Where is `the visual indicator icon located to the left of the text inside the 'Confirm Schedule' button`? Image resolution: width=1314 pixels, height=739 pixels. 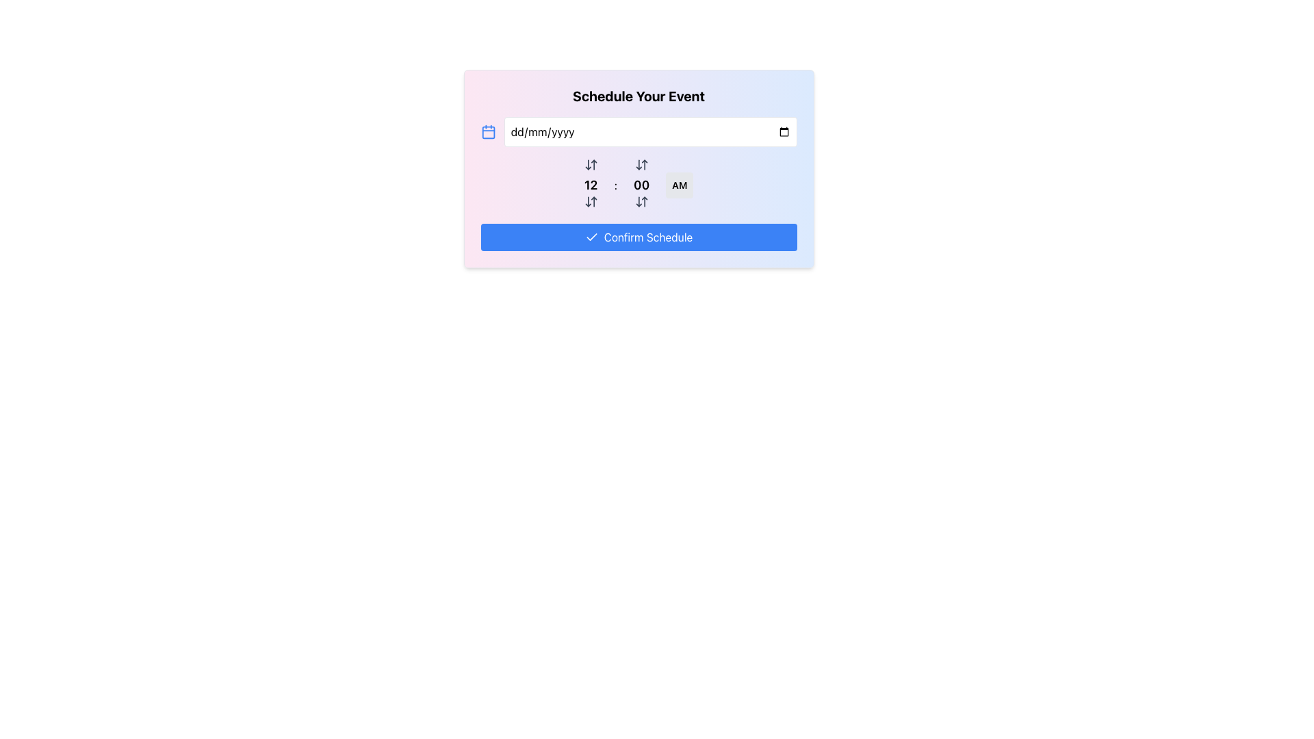
the visual indicator icon located to the left of the text inside the 'Confirm Schedule' button is located at coordinates (591, 237).